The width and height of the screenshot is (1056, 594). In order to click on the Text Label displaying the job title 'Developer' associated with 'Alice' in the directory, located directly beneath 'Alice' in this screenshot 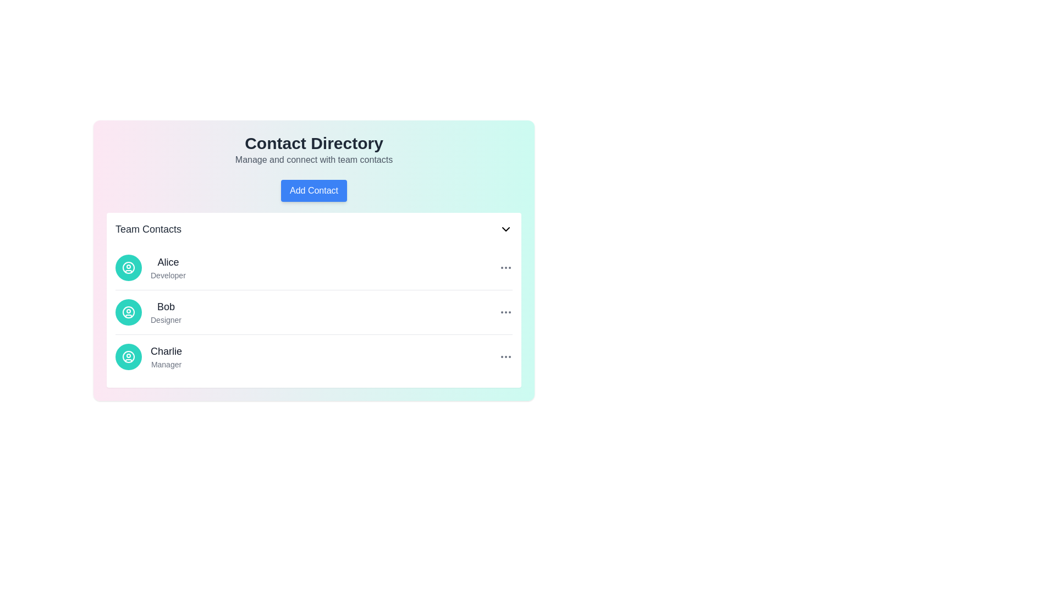, I will do `click(167, 275)`.